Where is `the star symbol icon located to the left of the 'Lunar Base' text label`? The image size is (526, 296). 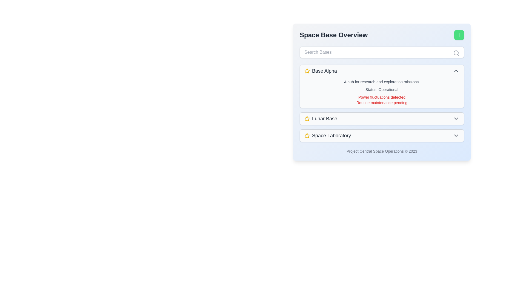
the star symbol icon located to the left of the 'Lunar Base' text label is located at coordinates (307, 118).